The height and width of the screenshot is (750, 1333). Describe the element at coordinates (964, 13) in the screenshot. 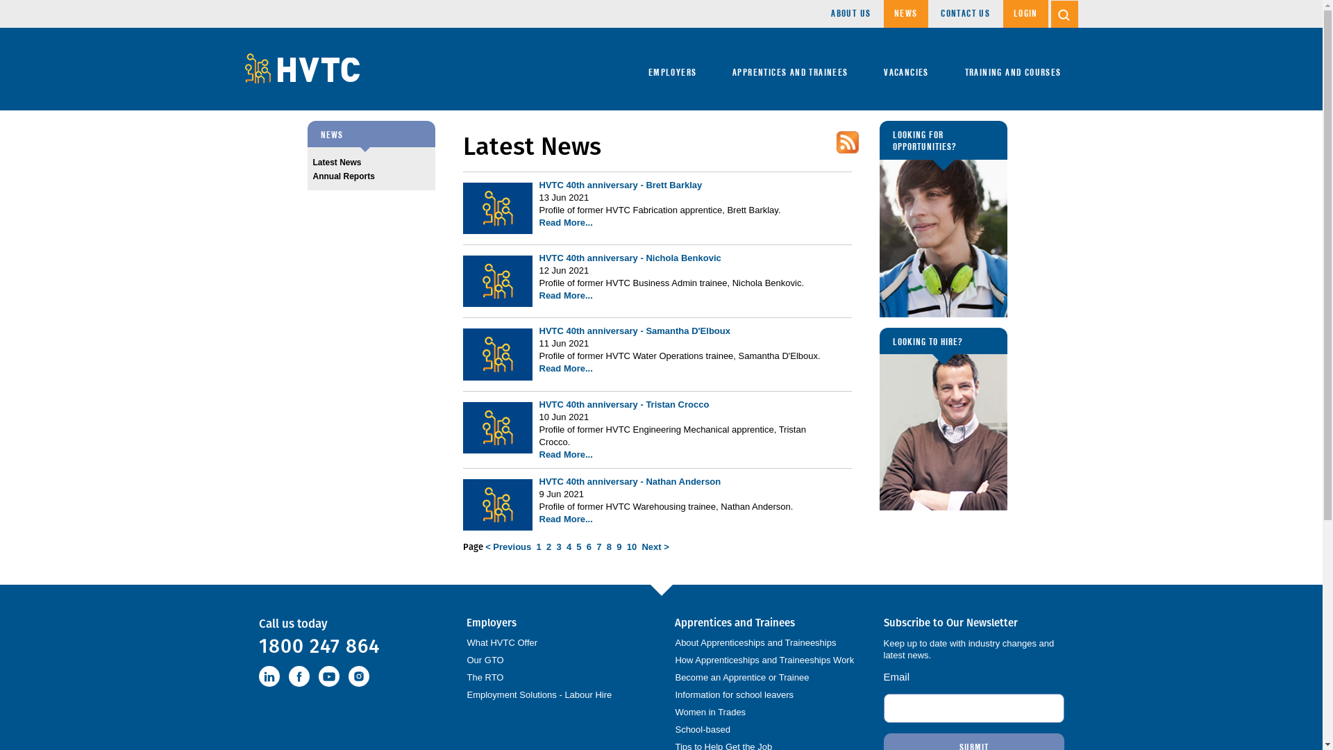

I see `'CONTACT US'` at that location.